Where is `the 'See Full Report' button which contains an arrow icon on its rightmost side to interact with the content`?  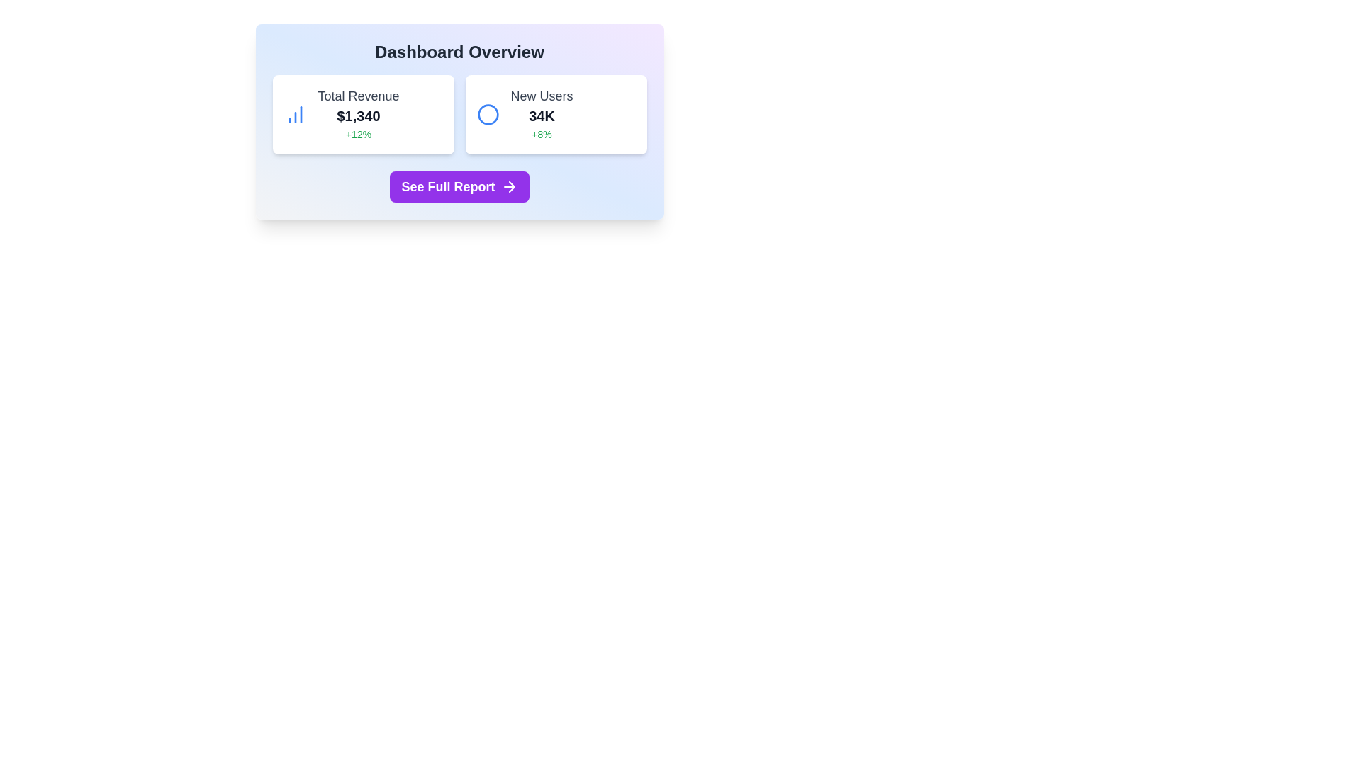 the 'See Full Report' button which contains an arrow icon on its rightmost side to interact with the content is located at coordinates (511, 186).